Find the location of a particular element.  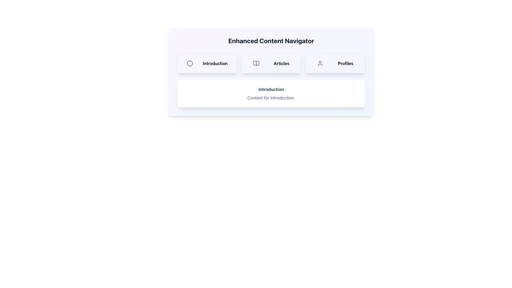

the 'Profiles' button, which is the third button in a row of three, featuring a user profile icon and bold text is located at coordinates (335, 63).